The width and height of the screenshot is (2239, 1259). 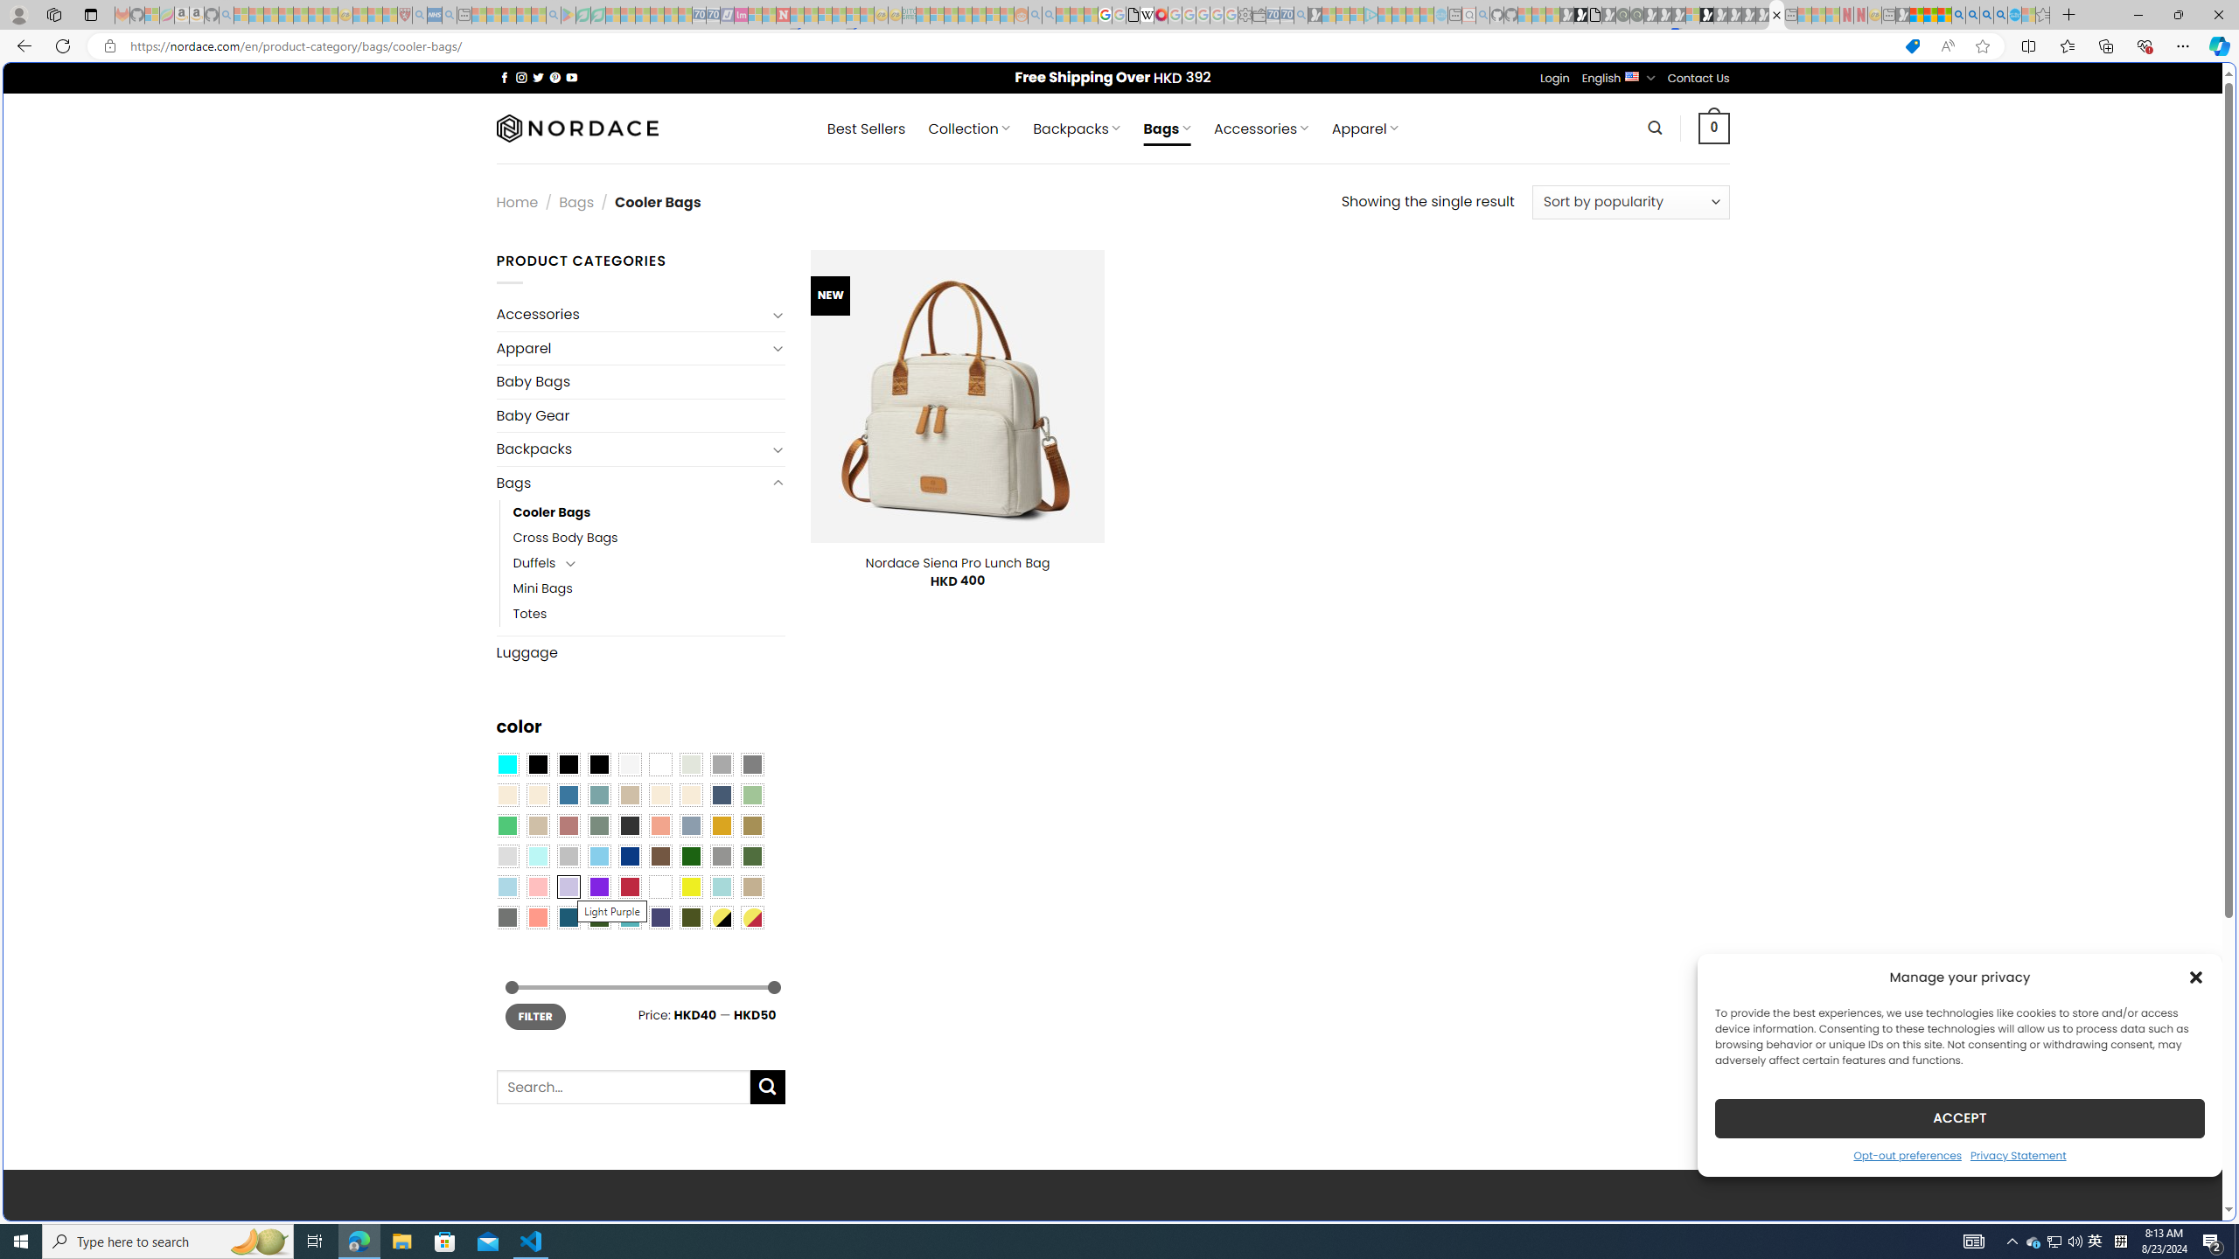 I want to click on 'Cross Body Bags', so click(x=648, y=537).